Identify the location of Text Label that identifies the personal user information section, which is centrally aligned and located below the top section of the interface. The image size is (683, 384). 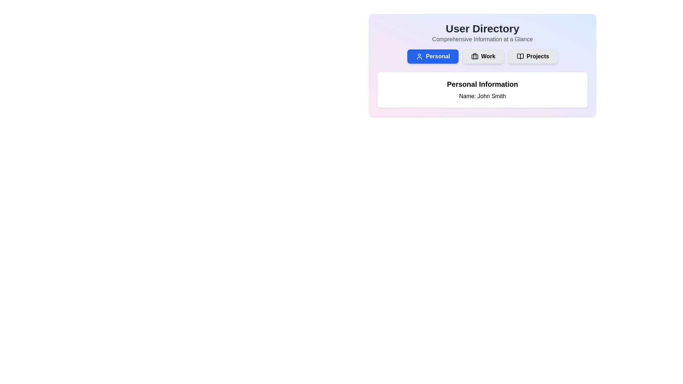
(482, 84).